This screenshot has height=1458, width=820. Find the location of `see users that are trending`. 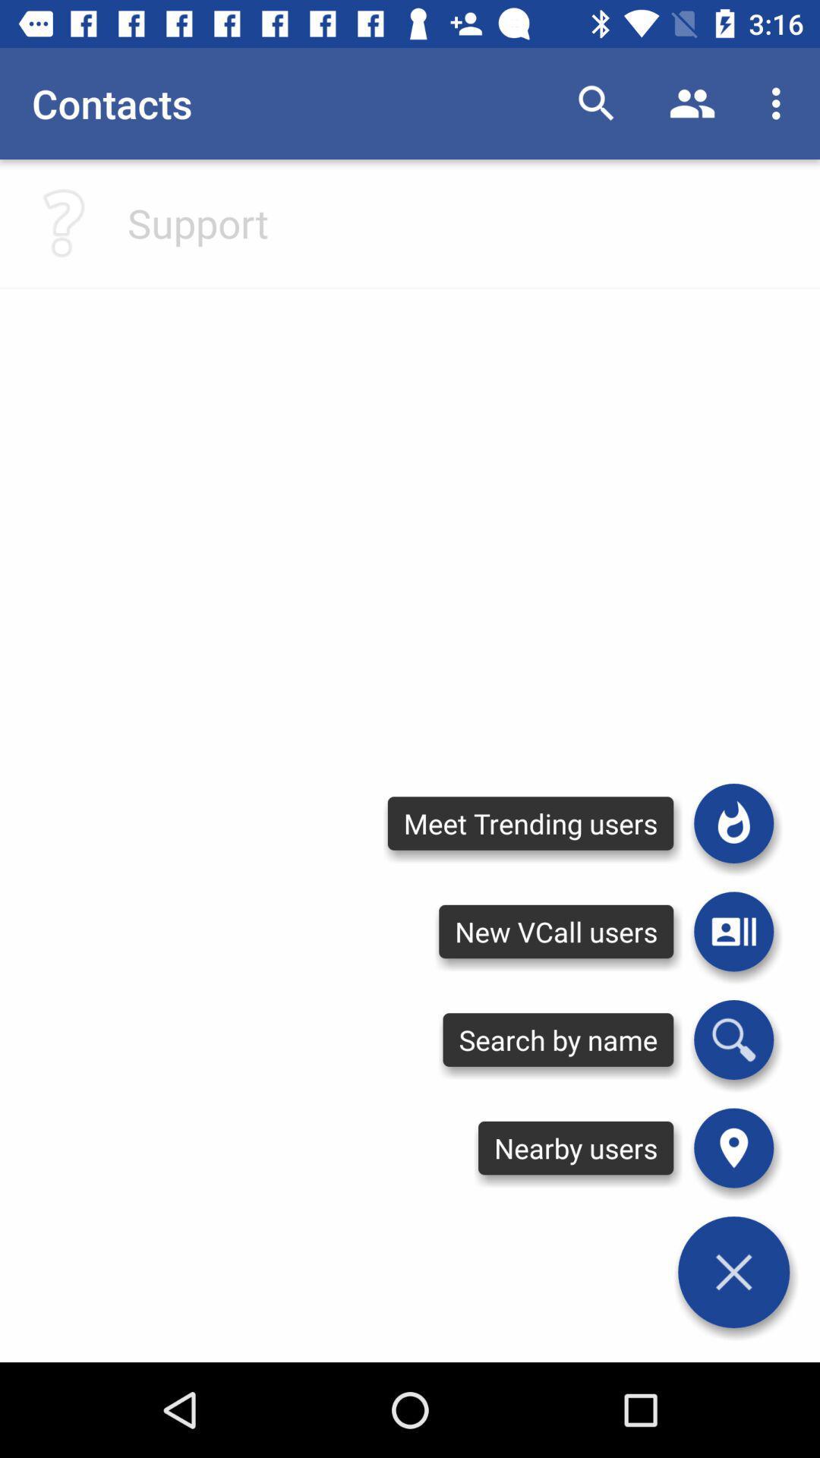

see users that are trending is located at coordinates (733, 822).